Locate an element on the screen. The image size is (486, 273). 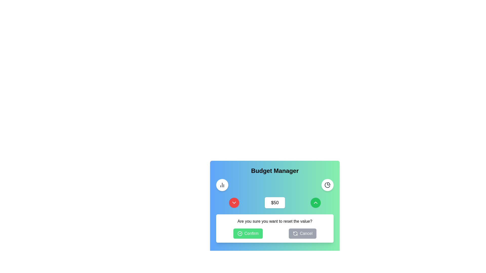
the decorative success icon located to the left of the 'Confirm' button in the confirmation area of the interface is located at coordinates (239, 234).